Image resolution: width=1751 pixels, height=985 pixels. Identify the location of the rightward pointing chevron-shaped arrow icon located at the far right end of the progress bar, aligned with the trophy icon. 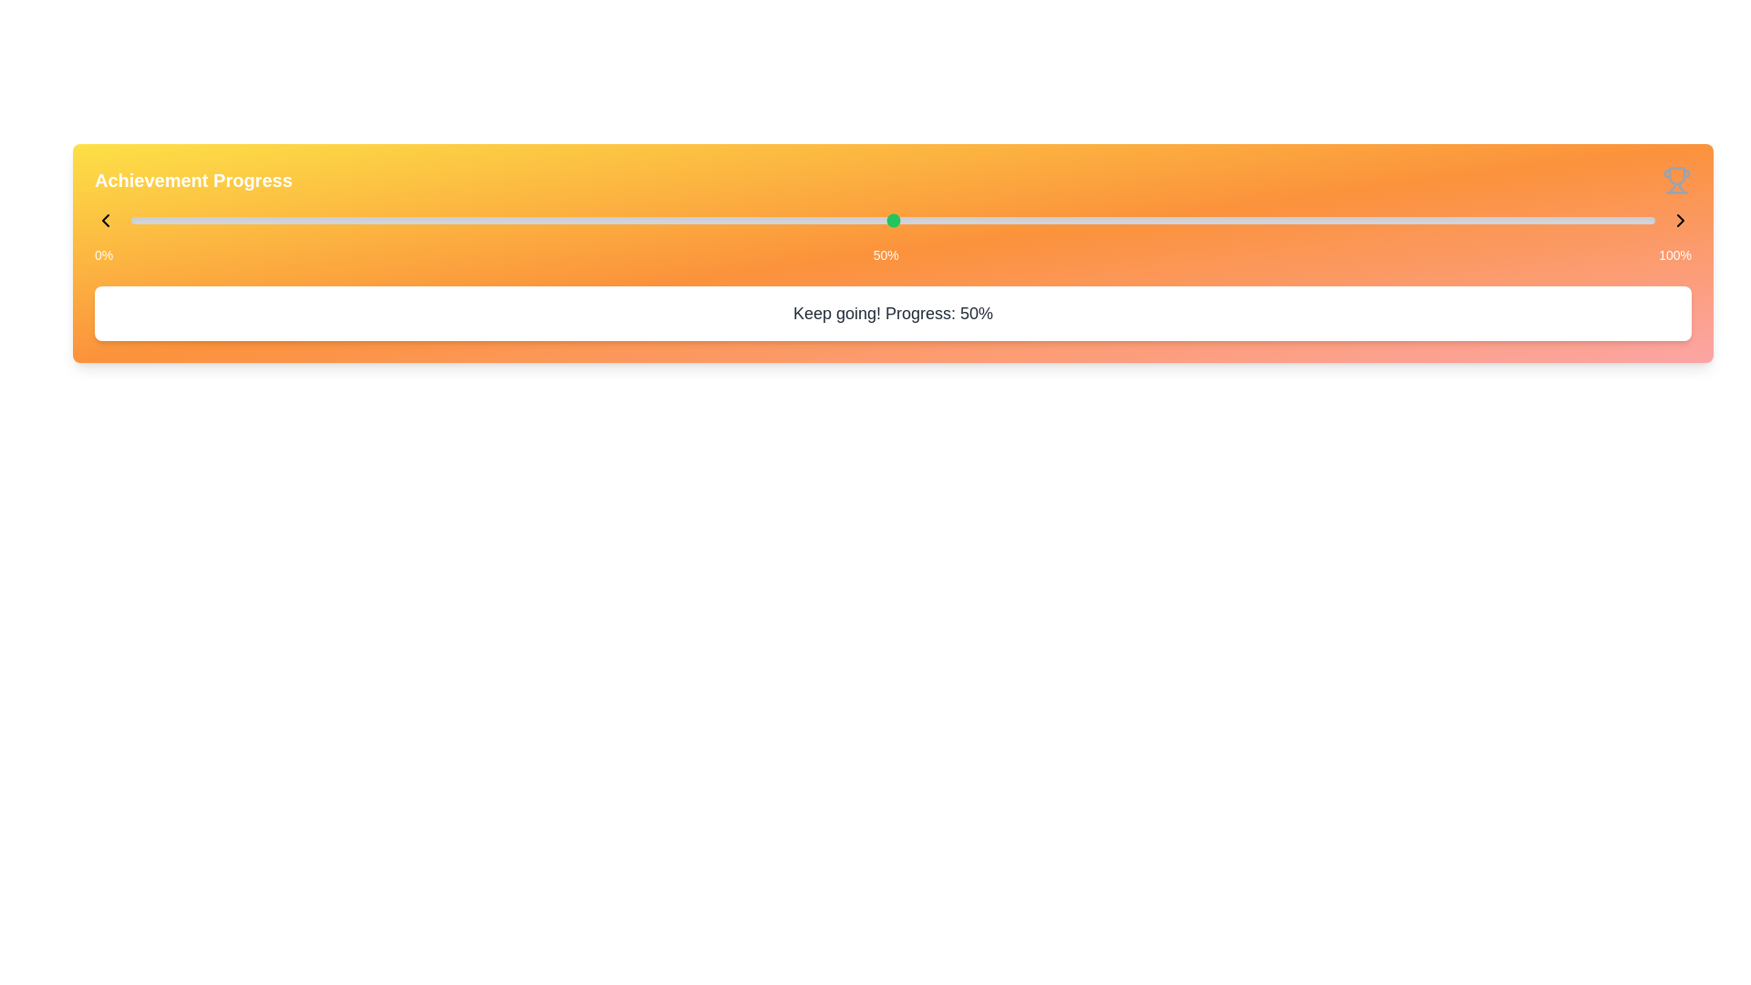
(1680, 220).